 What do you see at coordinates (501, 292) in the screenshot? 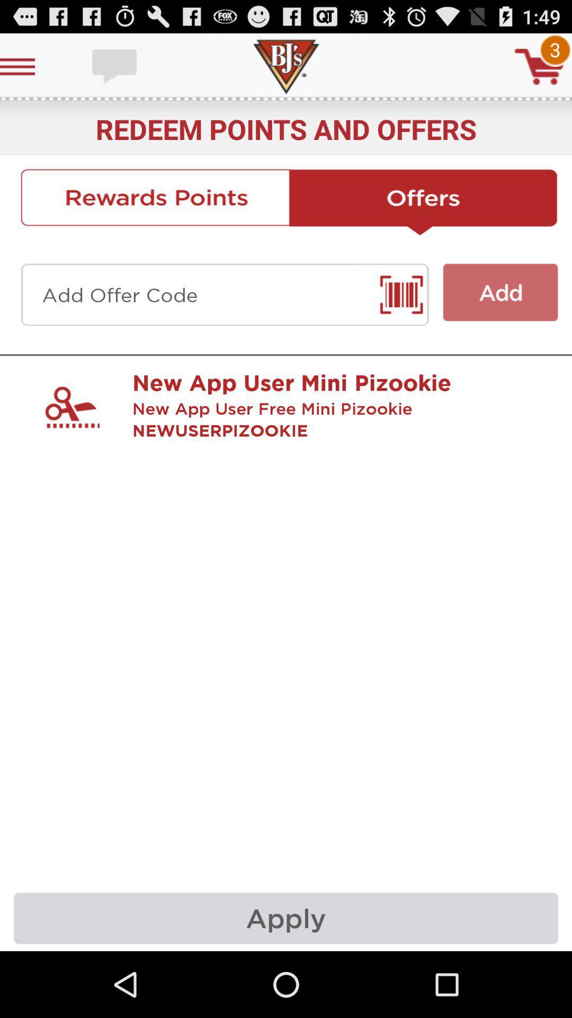
I see `button` at bounding box center [501, 292].